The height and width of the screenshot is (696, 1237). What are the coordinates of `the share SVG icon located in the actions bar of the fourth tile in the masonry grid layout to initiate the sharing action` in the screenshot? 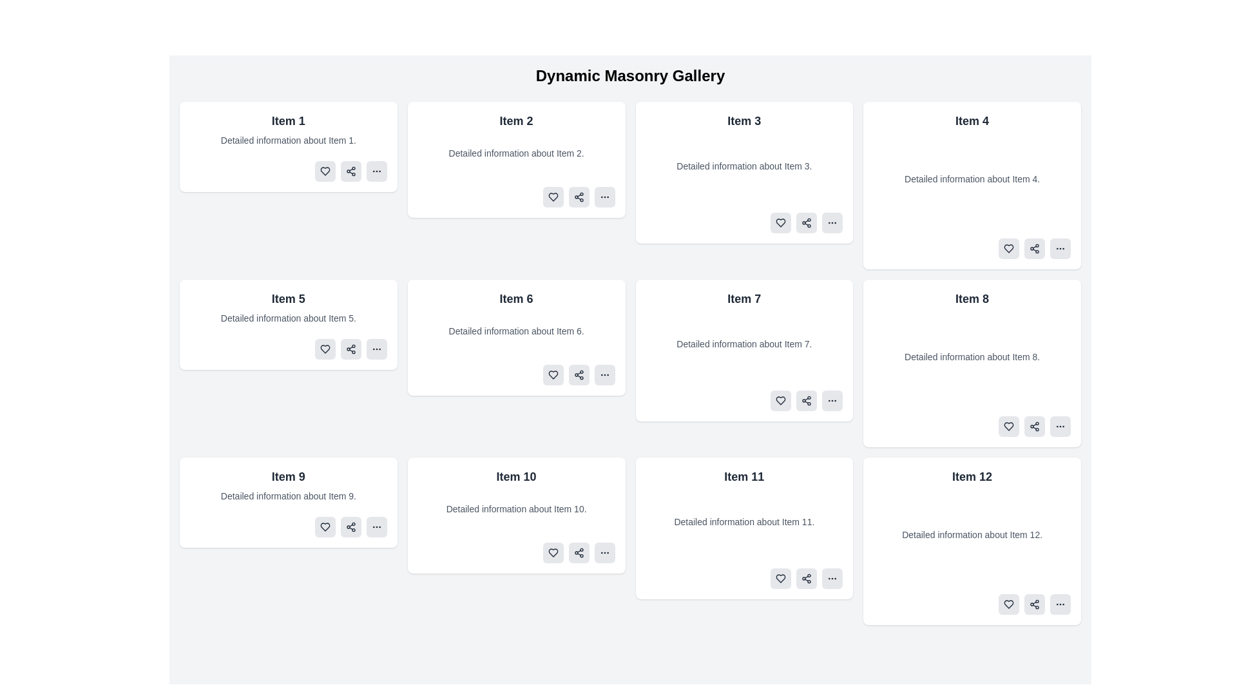 It's located at (1035, 248).